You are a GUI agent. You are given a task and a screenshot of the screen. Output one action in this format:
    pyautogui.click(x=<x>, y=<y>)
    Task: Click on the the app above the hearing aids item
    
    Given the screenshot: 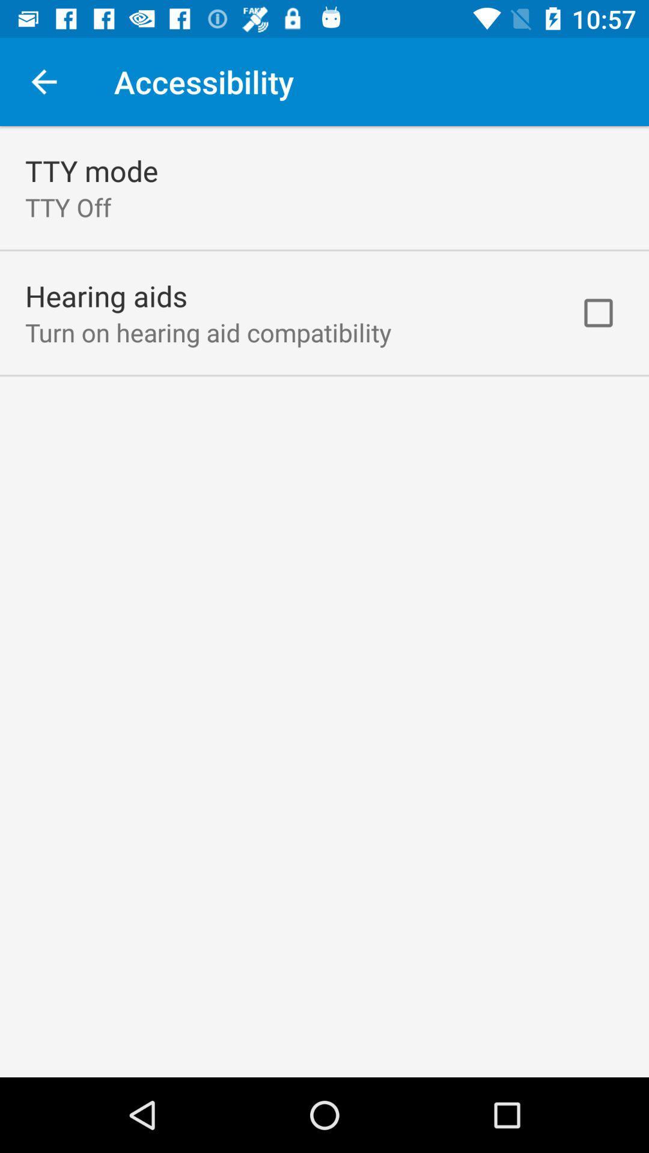 What is the action you would take?
    pyautogui.click(x=68, y=207)
    